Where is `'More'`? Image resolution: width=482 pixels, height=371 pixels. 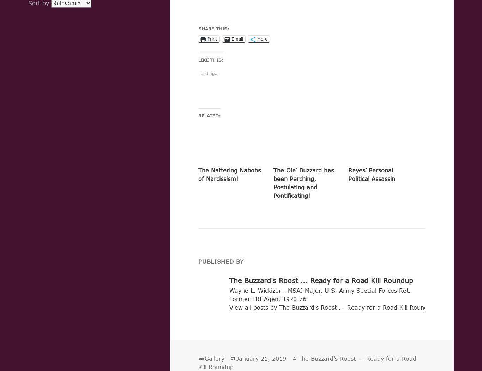
'More' is located at coordinates (262, 39).